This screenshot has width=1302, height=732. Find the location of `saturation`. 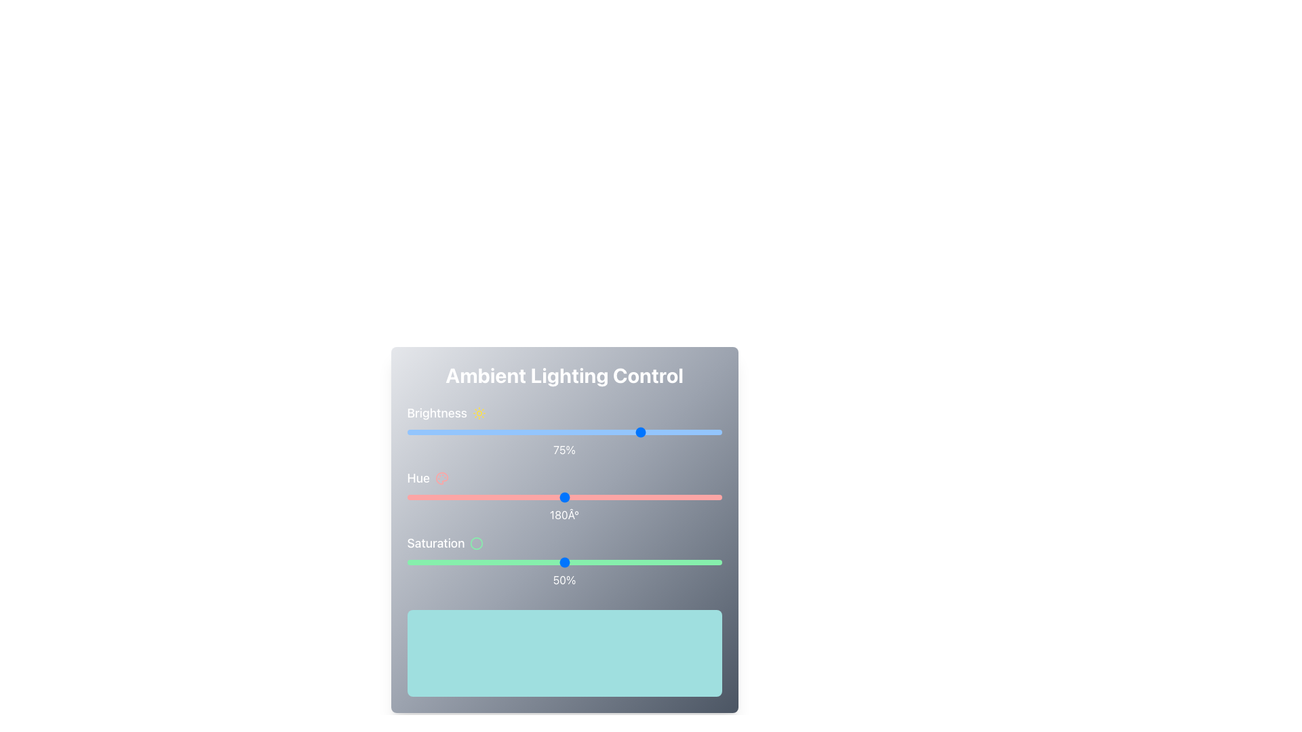

saturation is located at coordinates (652, 562).